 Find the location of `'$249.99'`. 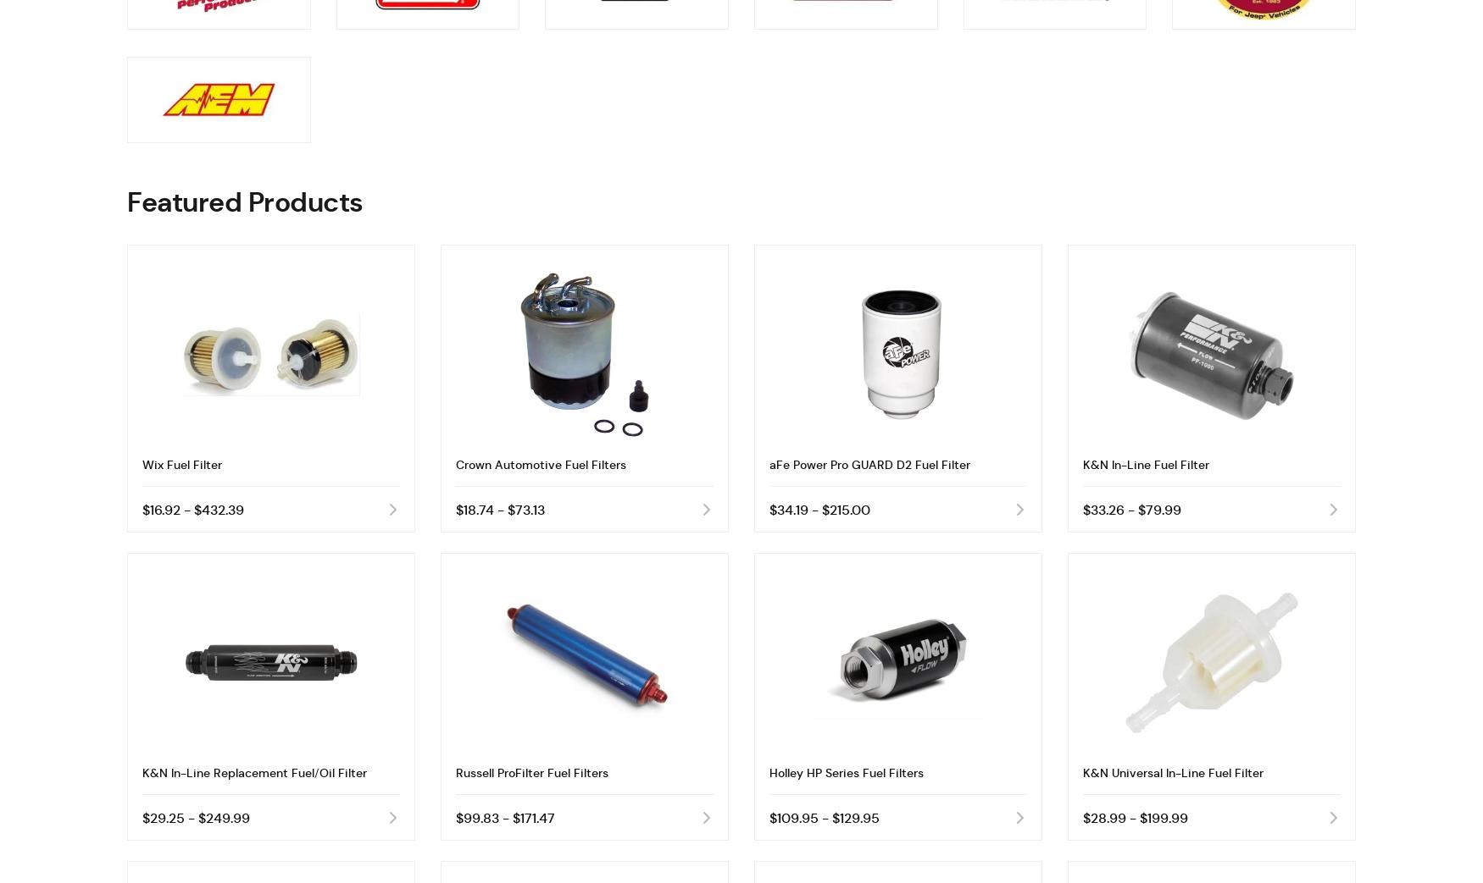

'$249.99' is located at coordinates (223, 817).